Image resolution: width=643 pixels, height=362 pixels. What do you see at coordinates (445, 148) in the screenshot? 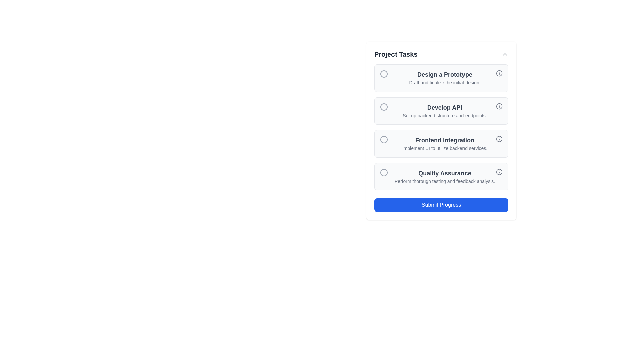
I see `the text element displaying 'Implement UI to utilize backend services.' which is styled in a small gray font and located beneath 'Frontend Integration.'` at bounding box center [445, 148].